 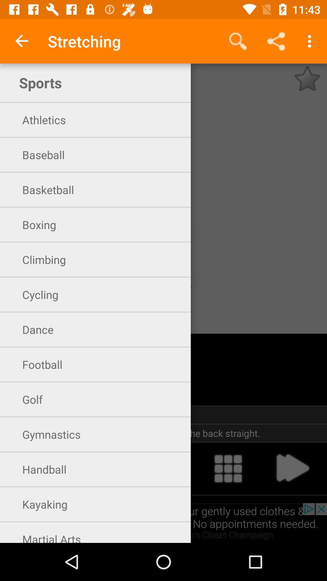 I want to click on explore more options, so click(x=228, y=468).